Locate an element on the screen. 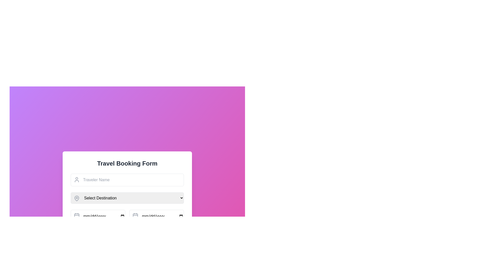 The height and width of the screenshot is (273, 485). the Header text that reads 'Travel Booking Form', which is prominently styled in large, bold font, centered at the top of the form interface is located at coordinates (127, 164).